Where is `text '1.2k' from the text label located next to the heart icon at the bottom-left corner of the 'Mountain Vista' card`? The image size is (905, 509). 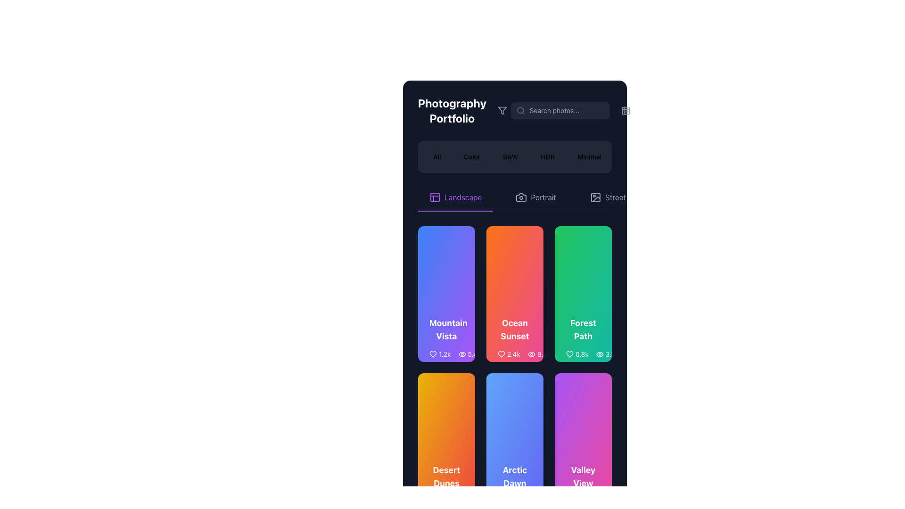
text '1.2k' from the text label located next to the heart icon at the bottom-left corner of the 'Mountain Vista' card is located at coordinates (444, 354).